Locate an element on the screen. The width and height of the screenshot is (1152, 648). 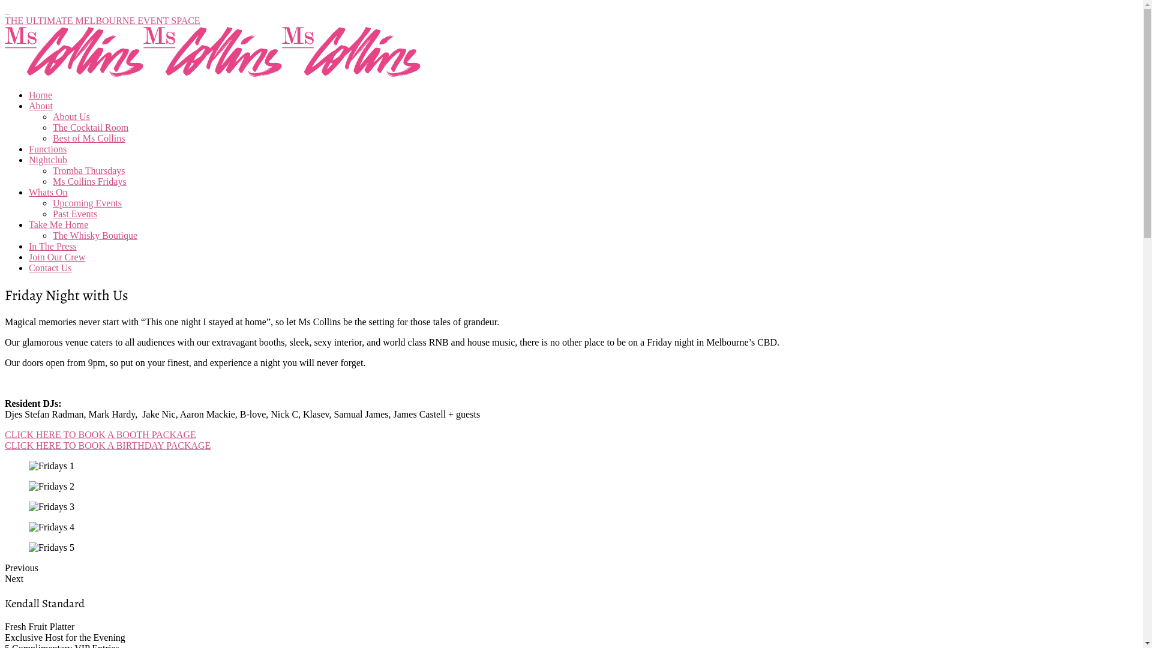
'In The Press' is located at coordinates (52, 245).